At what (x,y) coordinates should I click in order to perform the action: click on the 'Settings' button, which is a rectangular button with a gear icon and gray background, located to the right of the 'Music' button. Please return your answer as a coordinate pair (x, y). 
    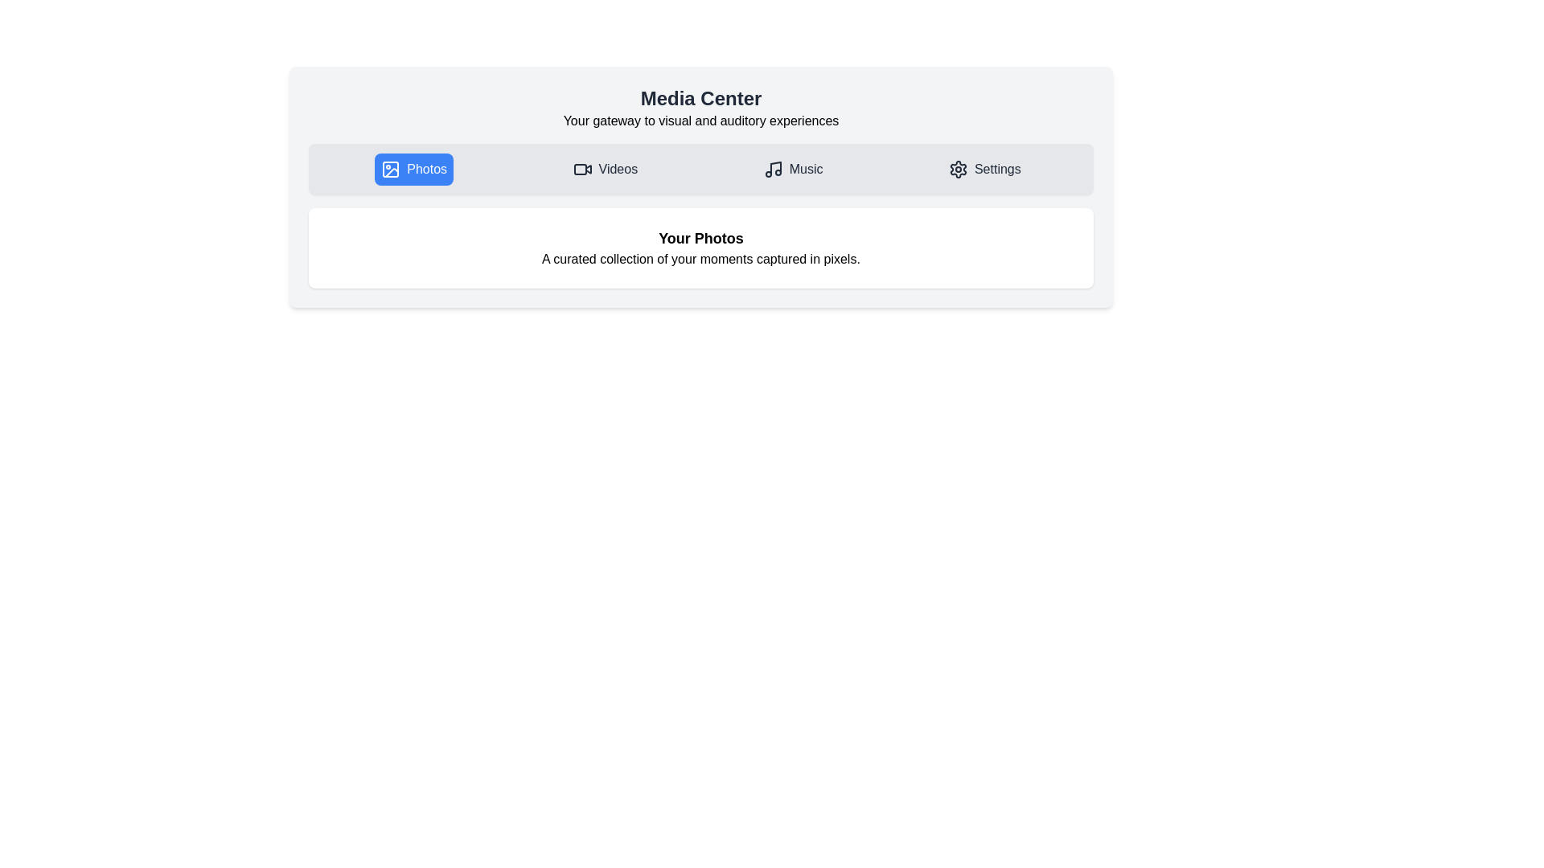
    Looking at the image, I should click on (983, 170).